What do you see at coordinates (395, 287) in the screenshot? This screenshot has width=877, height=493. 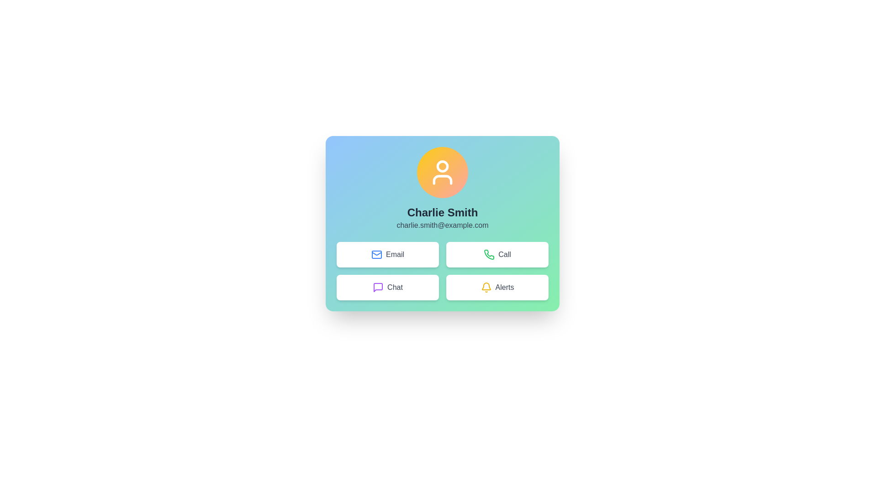 I see `the 'Chat' text label, which indicates the purpose of the 'Chat' button located in the bottom-left button of a rectangular grid of options` at bounding box center [395, 287].